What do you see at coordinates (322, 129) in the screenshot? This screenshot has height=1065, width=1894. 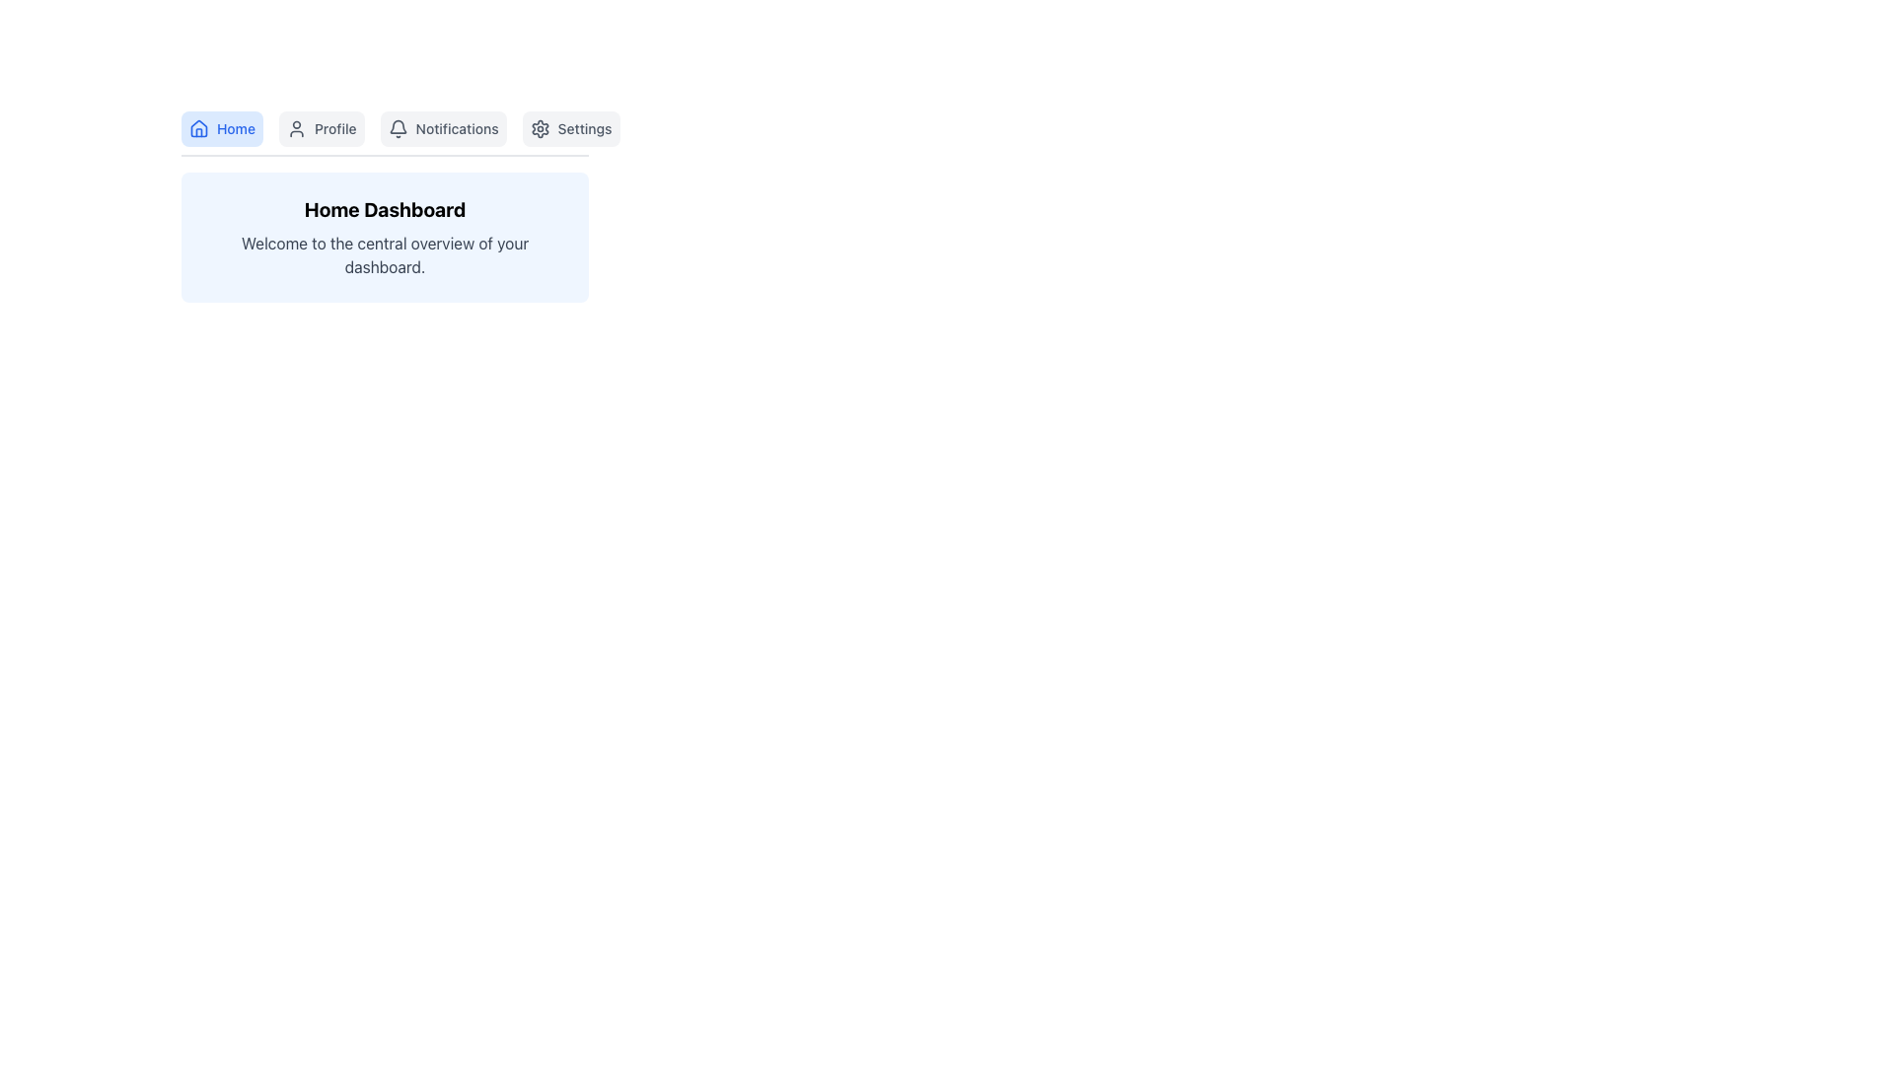 I see `the 'Profile' button, which is the second button in the navigation menu` at bounding box center [322, 129].